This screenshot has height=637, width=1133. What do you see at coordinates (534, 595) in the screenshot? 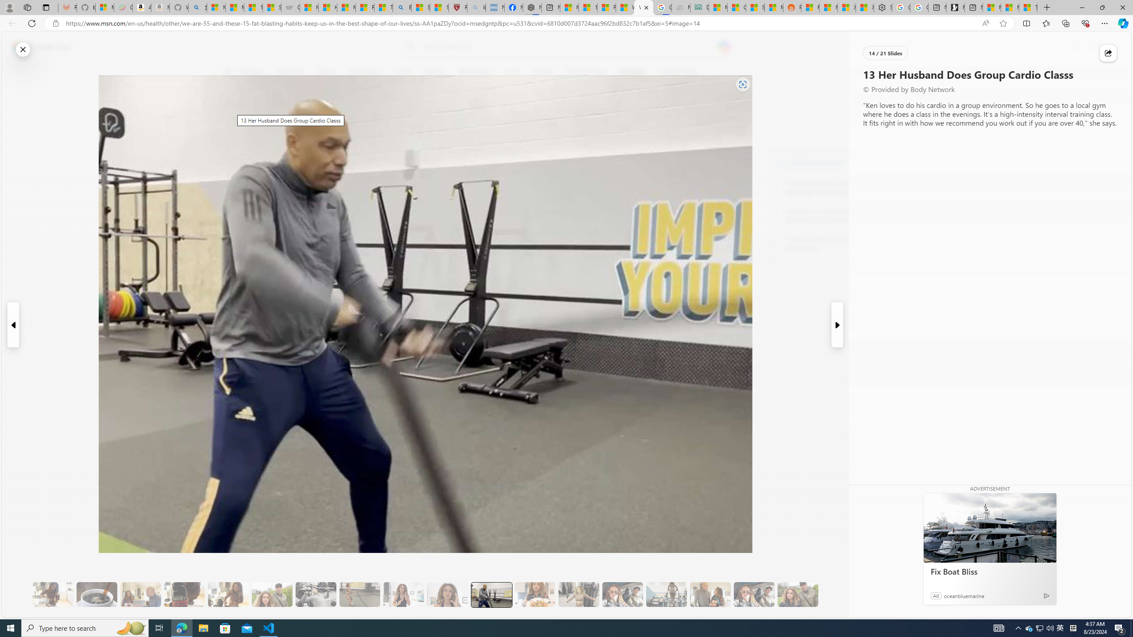
I see `'14 They Have Salmon and Veggies for Dinner'` at bounding box center [534, 595].